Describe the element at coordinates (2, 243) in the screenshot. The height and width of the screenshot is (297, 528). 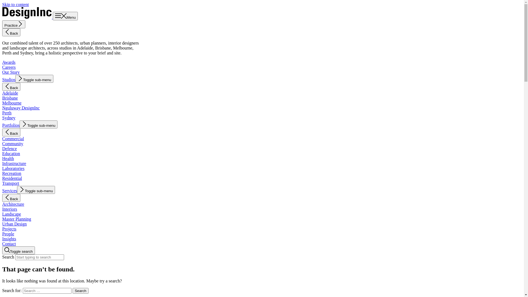
I see `'Contact'` at that location.